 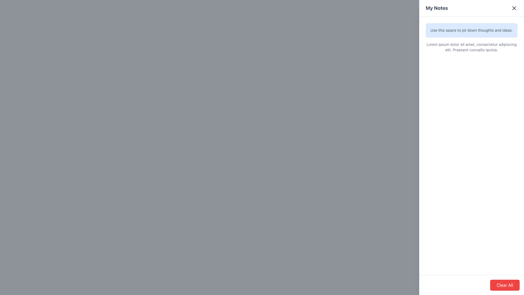 I want to click on the static text label that reads 'My Notes.' This text is styled in bold, large font, and is located in the header section of the side panel, near the top-left corner, preceding an interactive close button, so click(x=437, y=8).